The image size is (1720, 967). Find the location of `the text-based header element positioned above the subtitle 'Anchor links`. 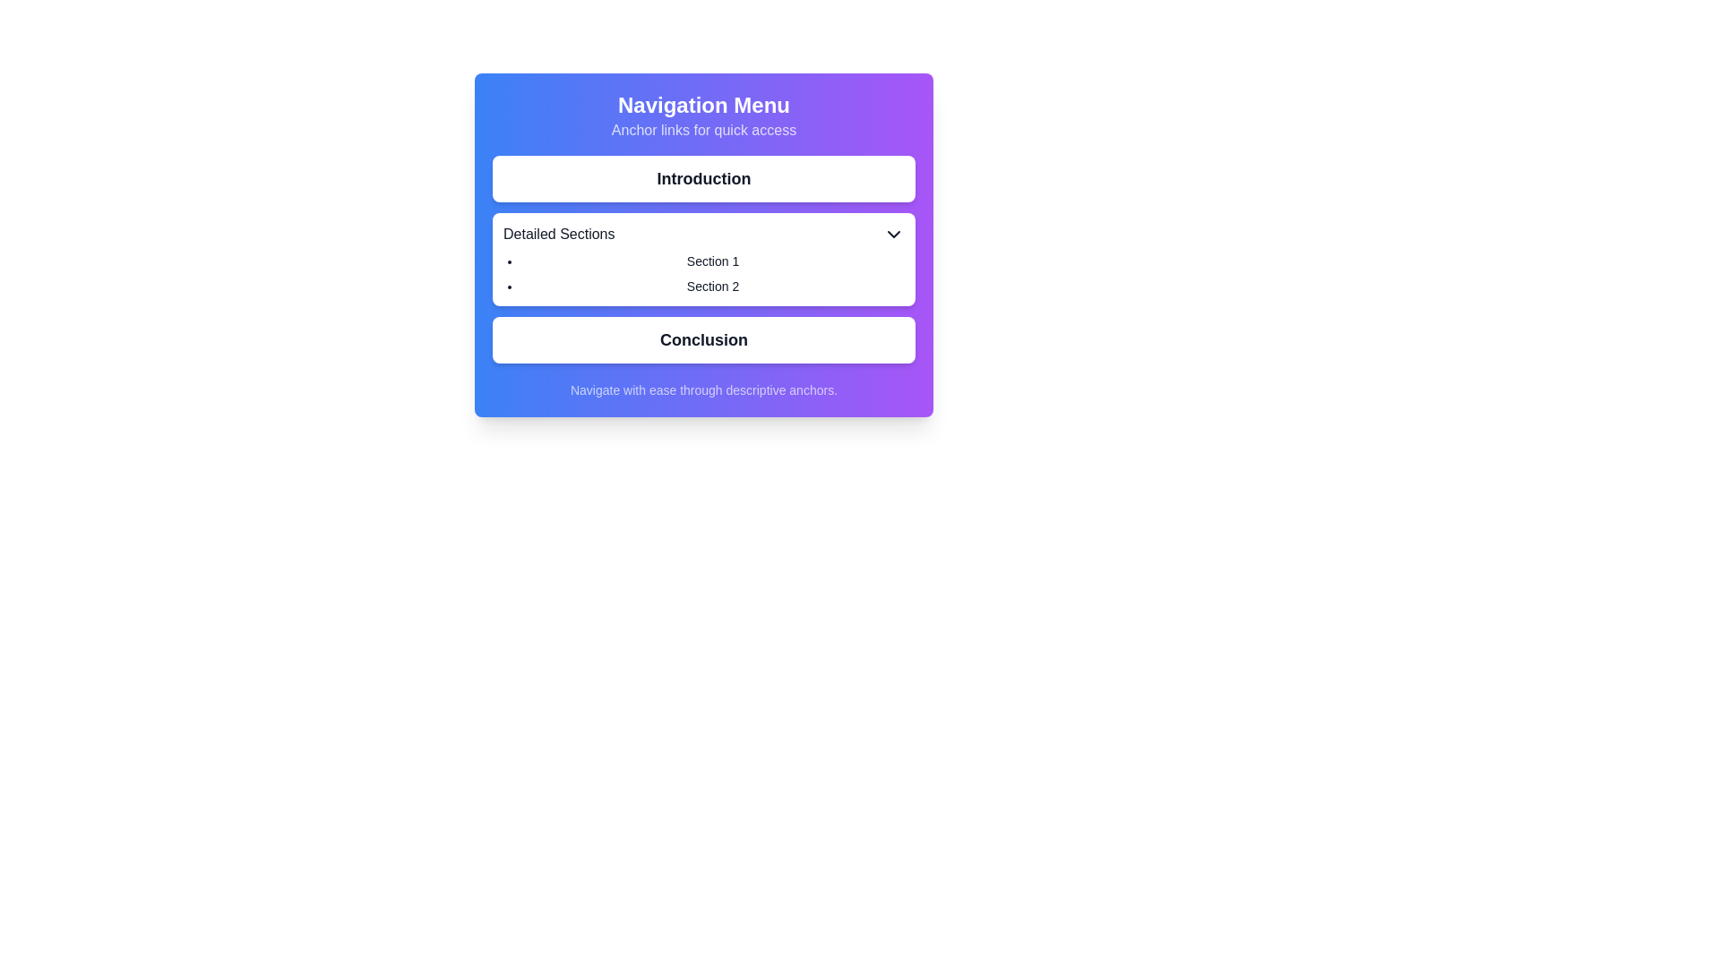

the text-based header element positioned above the subtitle 'Anchor links is located at coordinates (703, 106).